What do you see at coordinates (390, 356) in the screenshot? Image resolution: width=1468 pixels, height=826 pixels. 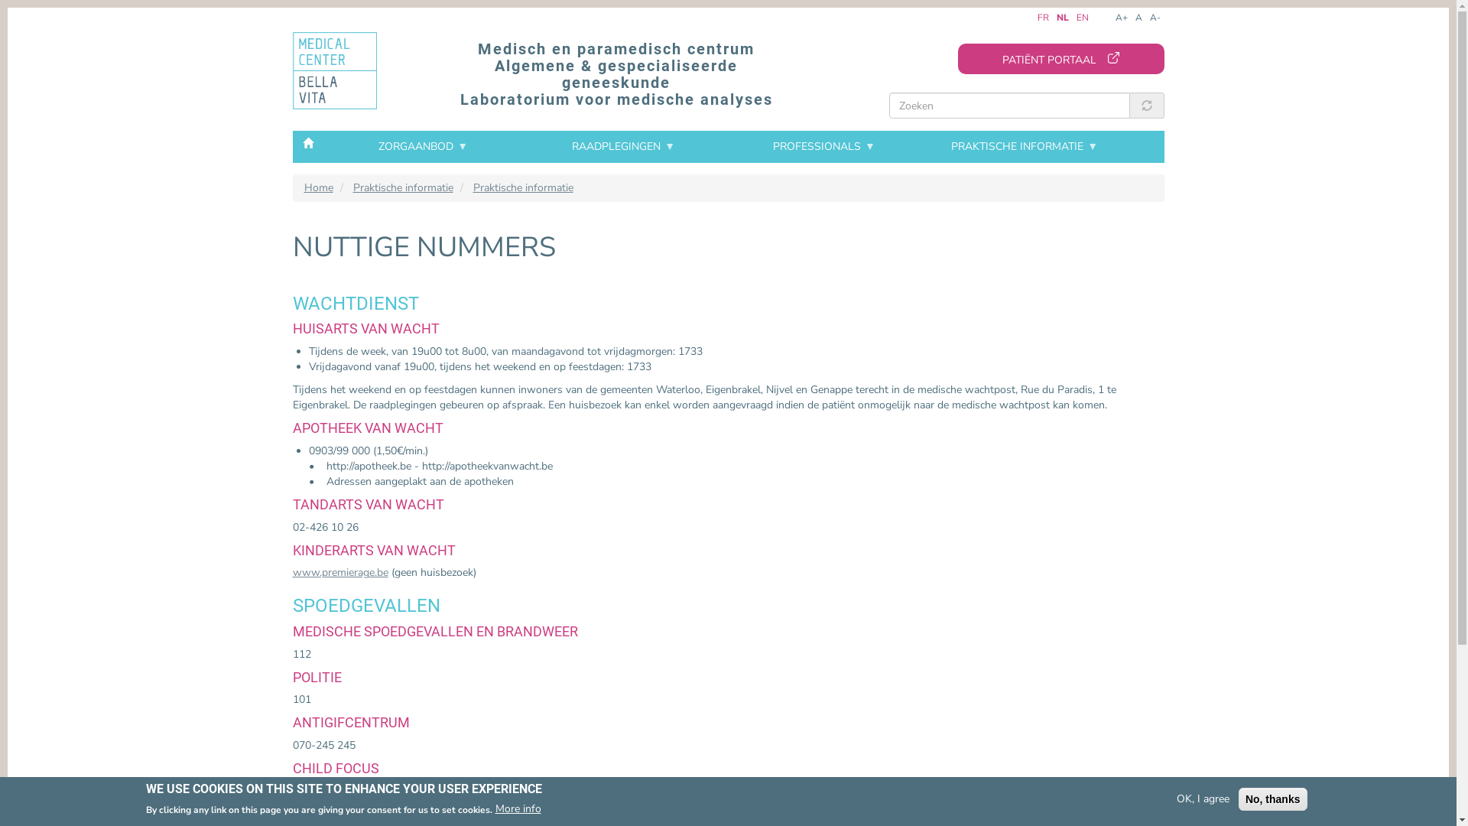 I see `'CONTACTEER ONS'` at bounding box center [390, 356].